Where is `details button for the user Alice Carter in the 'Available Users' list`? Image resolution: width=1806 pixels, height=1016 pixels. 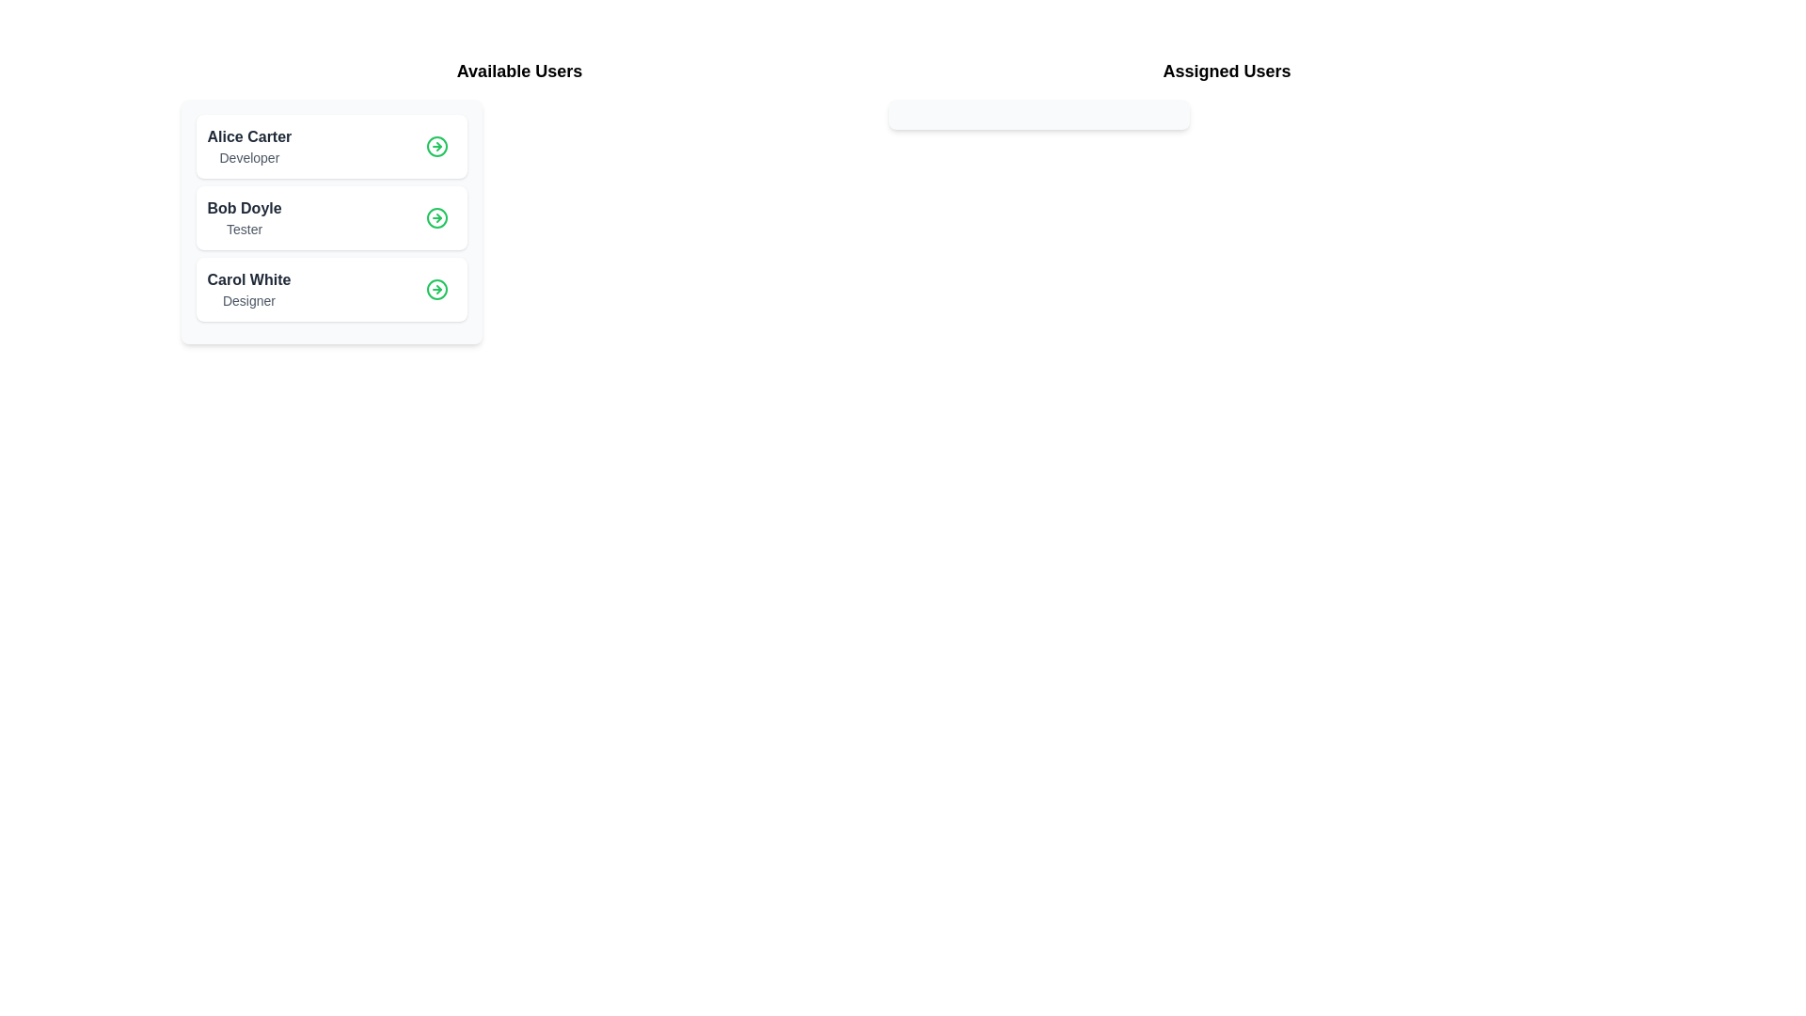 details button for the user Alice Carter in the 'Available Users' list is located at coordinates (436, 145).